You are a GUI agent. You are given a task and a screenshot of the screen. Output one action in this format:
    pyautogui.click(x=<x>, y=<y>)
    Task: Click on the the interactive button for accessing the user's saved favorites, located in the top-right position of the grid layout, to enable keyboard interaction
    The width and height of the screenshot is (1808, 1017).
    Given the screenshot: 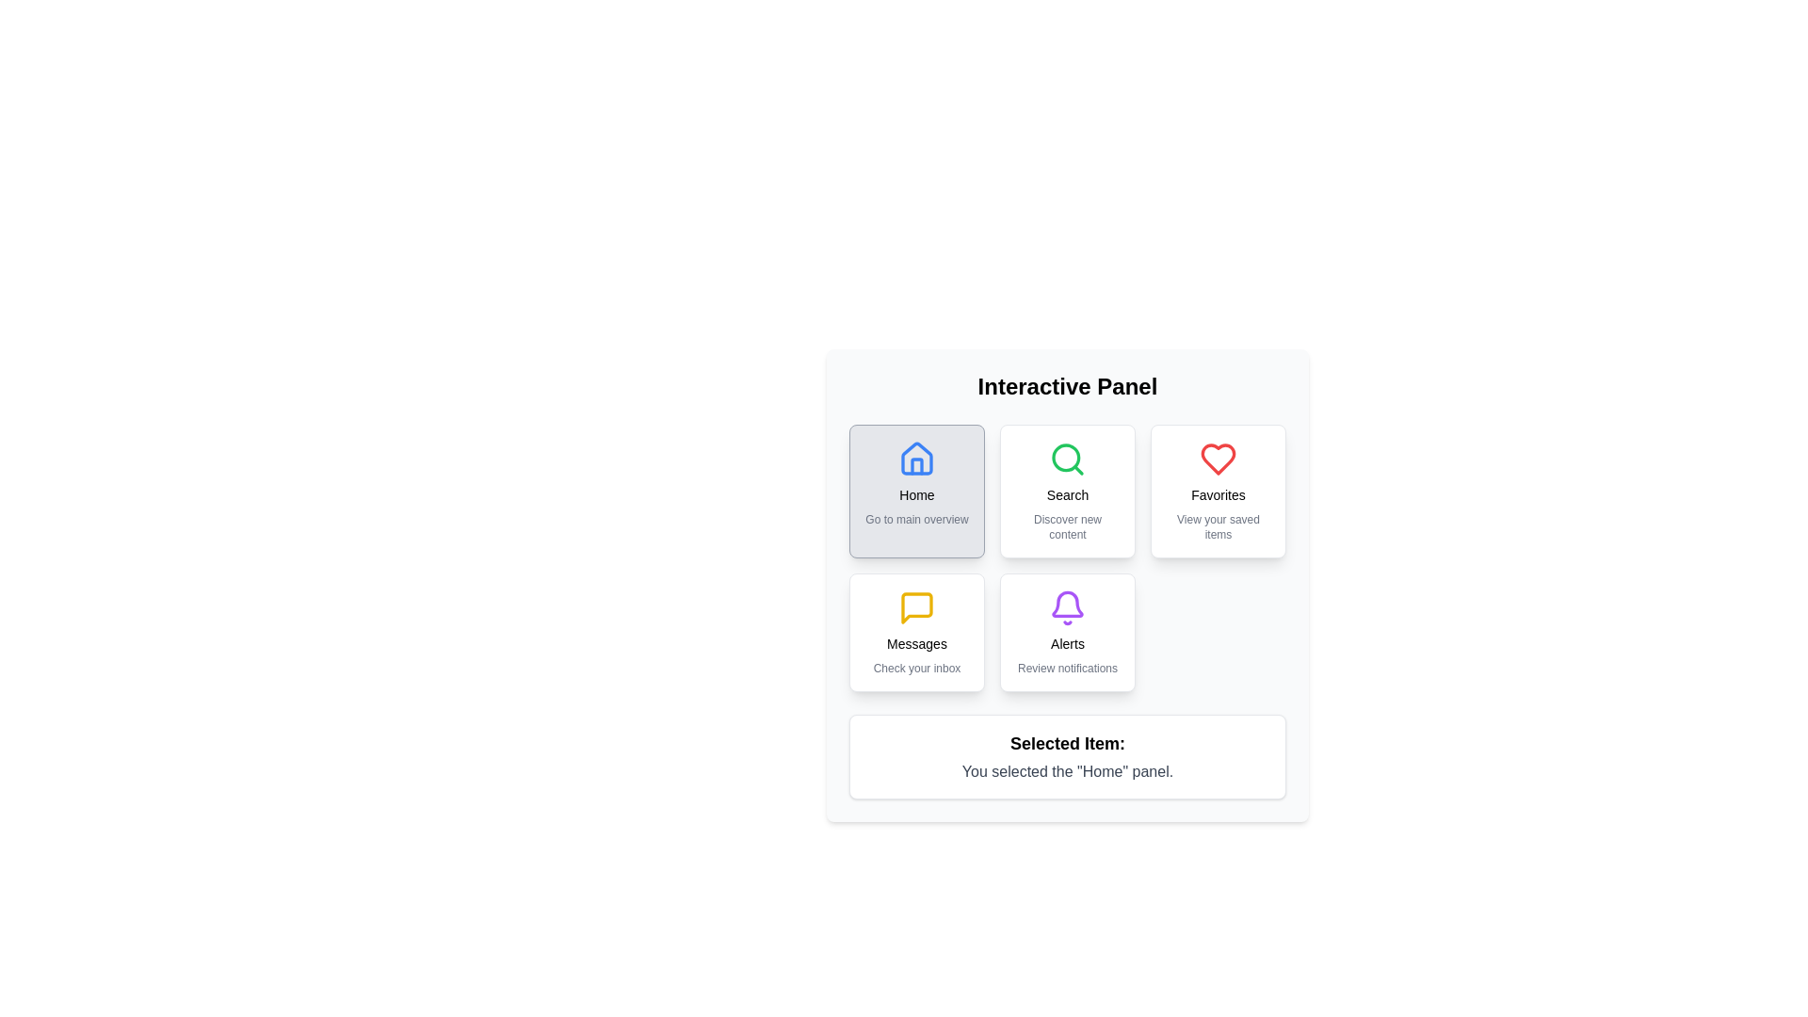 What is the action you would take?
    pyautogui.click(x=1219, y=490)
    